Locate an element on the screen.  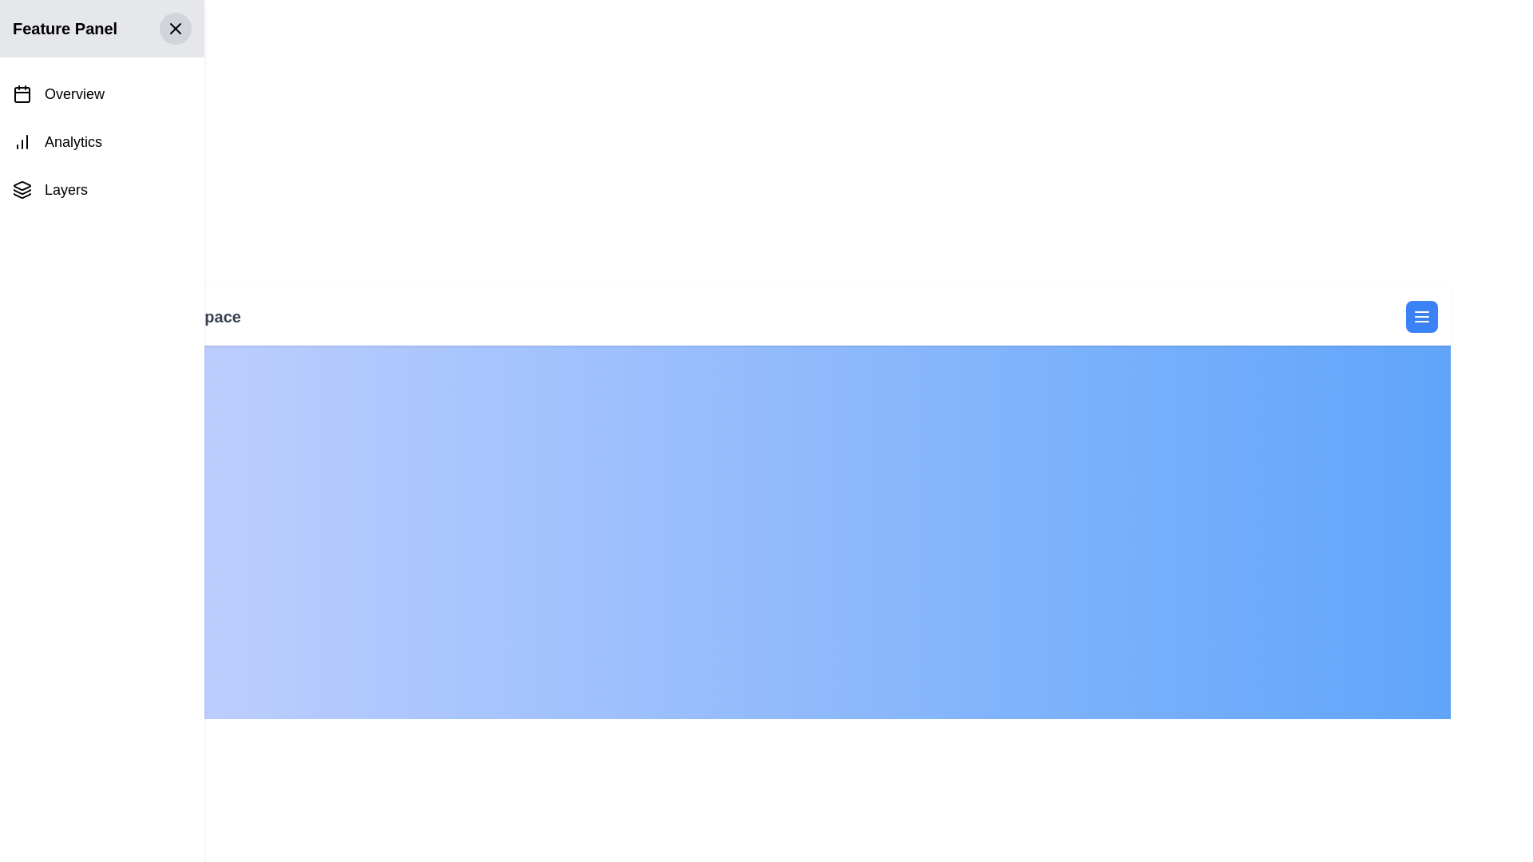
the icon located in the top-right corner of the interface that serves as a visual indicator for opening a navigation drawer or menu is located at coordinates (1421, 317).